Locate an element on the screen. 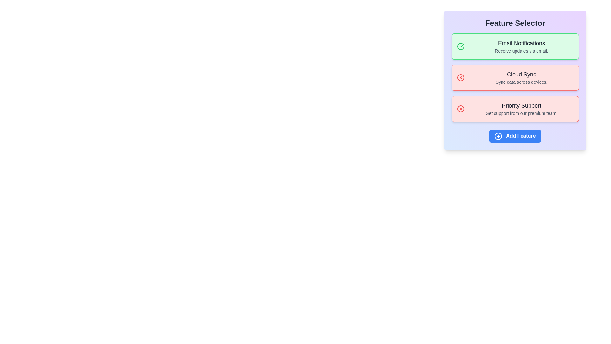 The height and width of the screenshot is (344, 611). the 'Priority Support' text display module, which has a bold dark-gray heading and a lighter subtext, located in the top-right section of the interface is located at coordinates (521, 109).